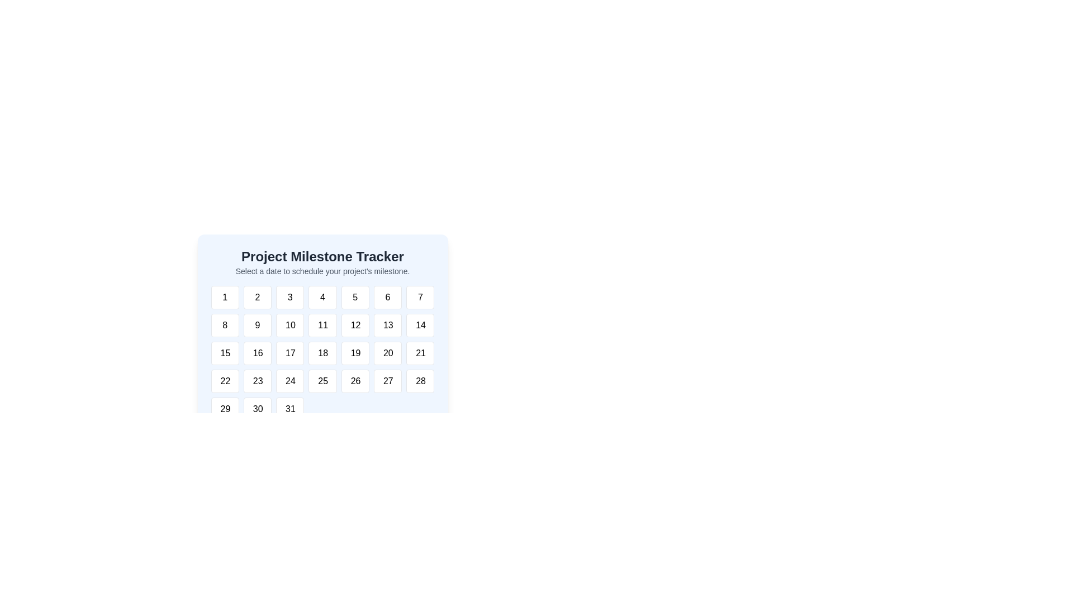 Image resolution: width=1073 pixels, height=603 pixels. I want to click on the date selection button for the date '20' located, so click(388, 353).